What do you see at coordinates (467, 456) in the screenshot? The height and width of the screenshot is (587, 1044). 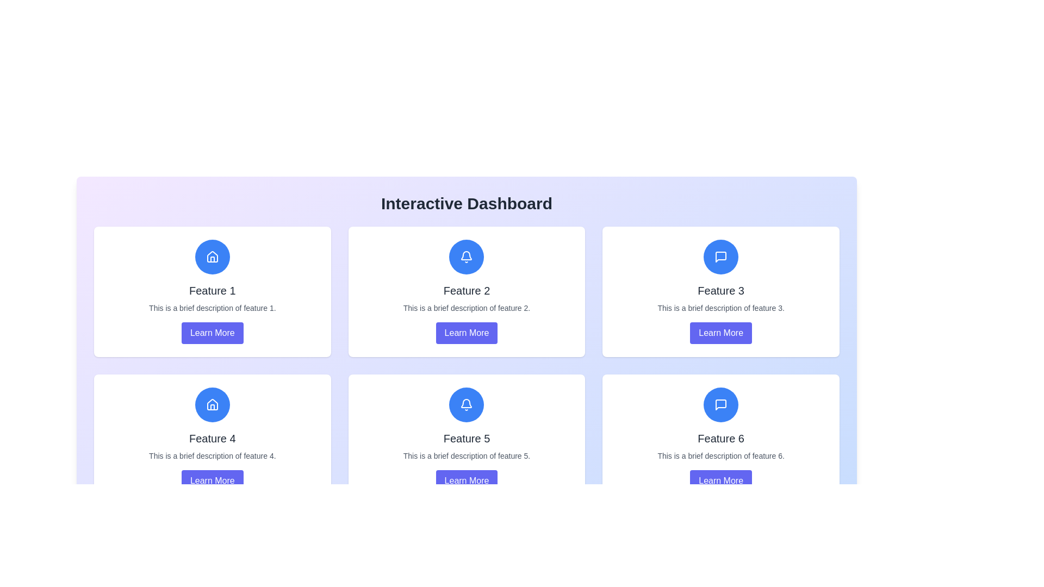 I see `the text block containing 'This is a brief description of feature 5.' which is positioned beneath the heading 'Feature 5' and above the button labeled 'Learn More'` at bounding box center [467, 456].